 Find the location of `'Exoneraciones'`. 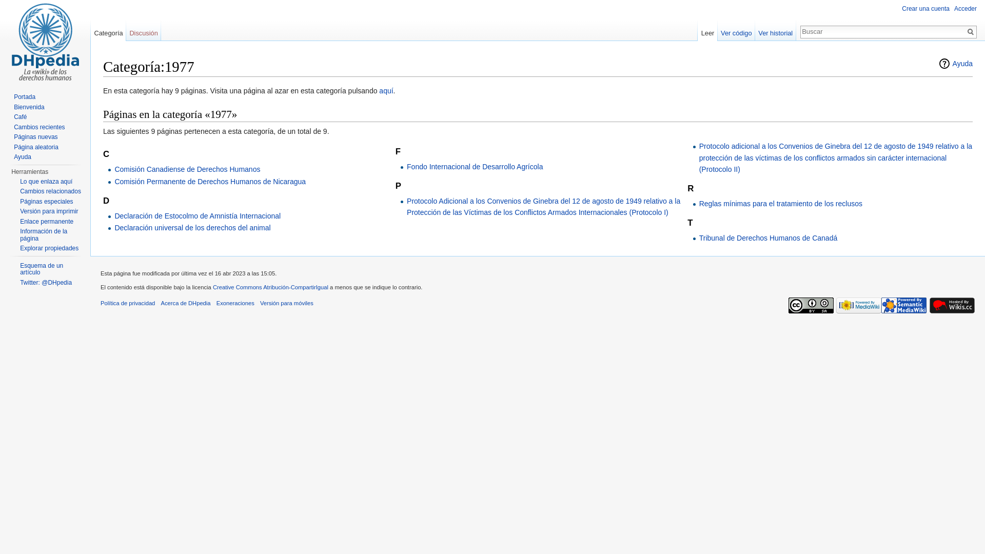

'Exoneraciones' is located at coordinates (235, 302).